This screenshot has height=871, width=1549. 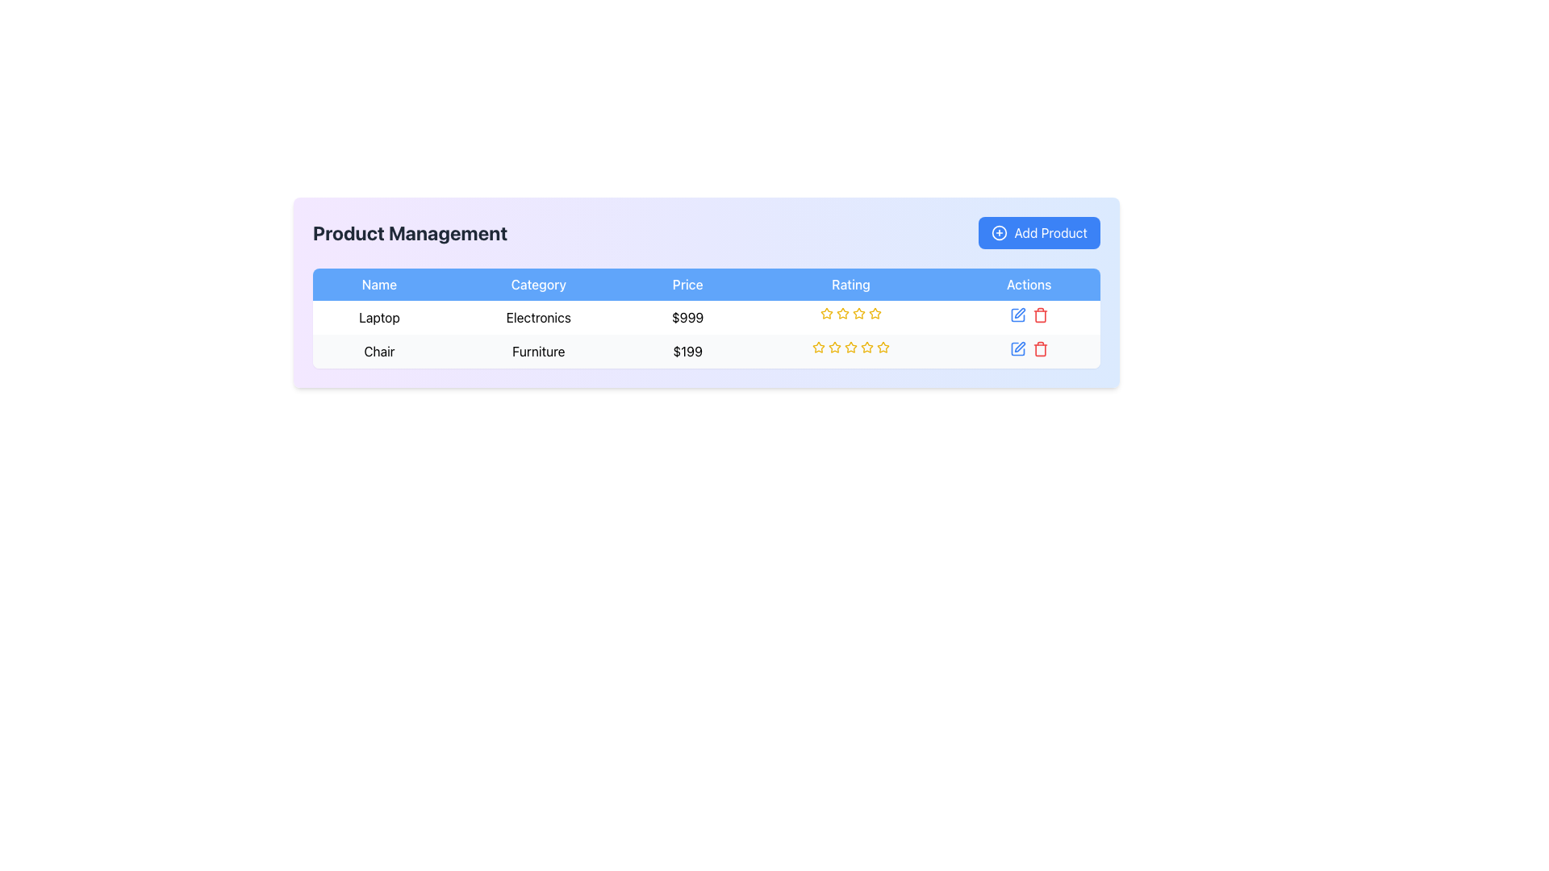 I want to click on the fifth Rating Star Icon in the 'Rating' column of the second row in the Product Management section, so click(x=882, y=345).